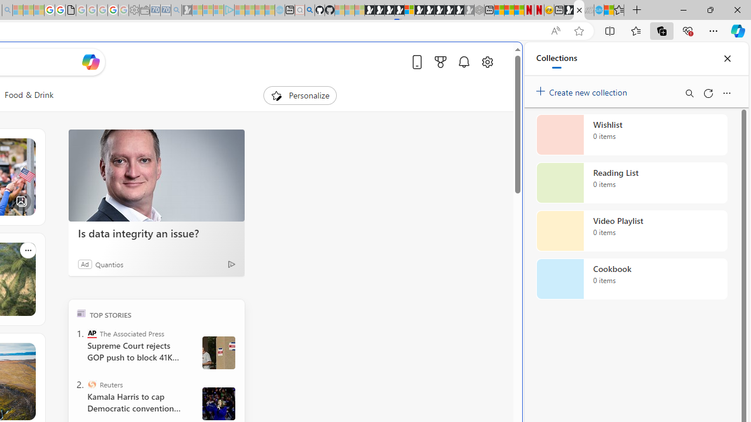 The image size is (751, 422). What do you see at coordinates (310, 10) in the screenshot?
I see `'github - Search'` at bounding box center [310, 10].